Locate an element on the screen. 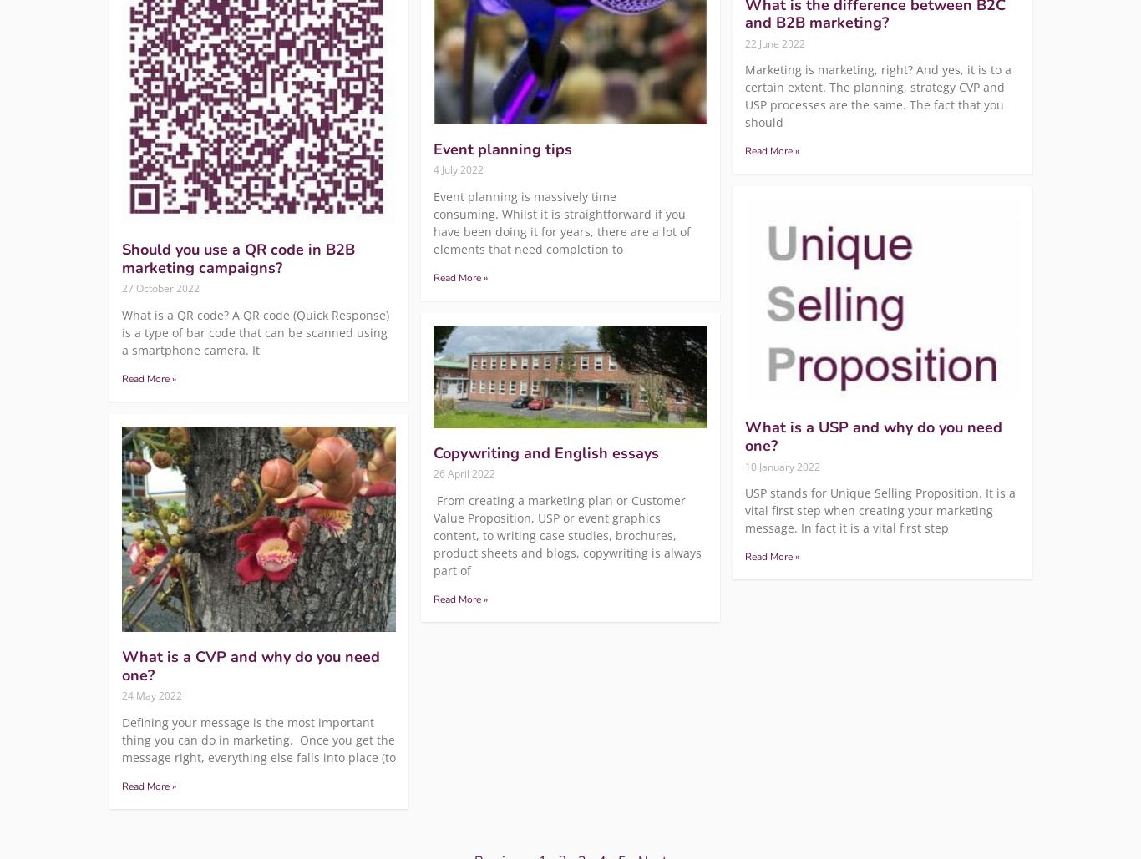 This screenshot has height=859, width=1141. 'What is a USP and why do you need one?' is located at coordinates (872, 435).